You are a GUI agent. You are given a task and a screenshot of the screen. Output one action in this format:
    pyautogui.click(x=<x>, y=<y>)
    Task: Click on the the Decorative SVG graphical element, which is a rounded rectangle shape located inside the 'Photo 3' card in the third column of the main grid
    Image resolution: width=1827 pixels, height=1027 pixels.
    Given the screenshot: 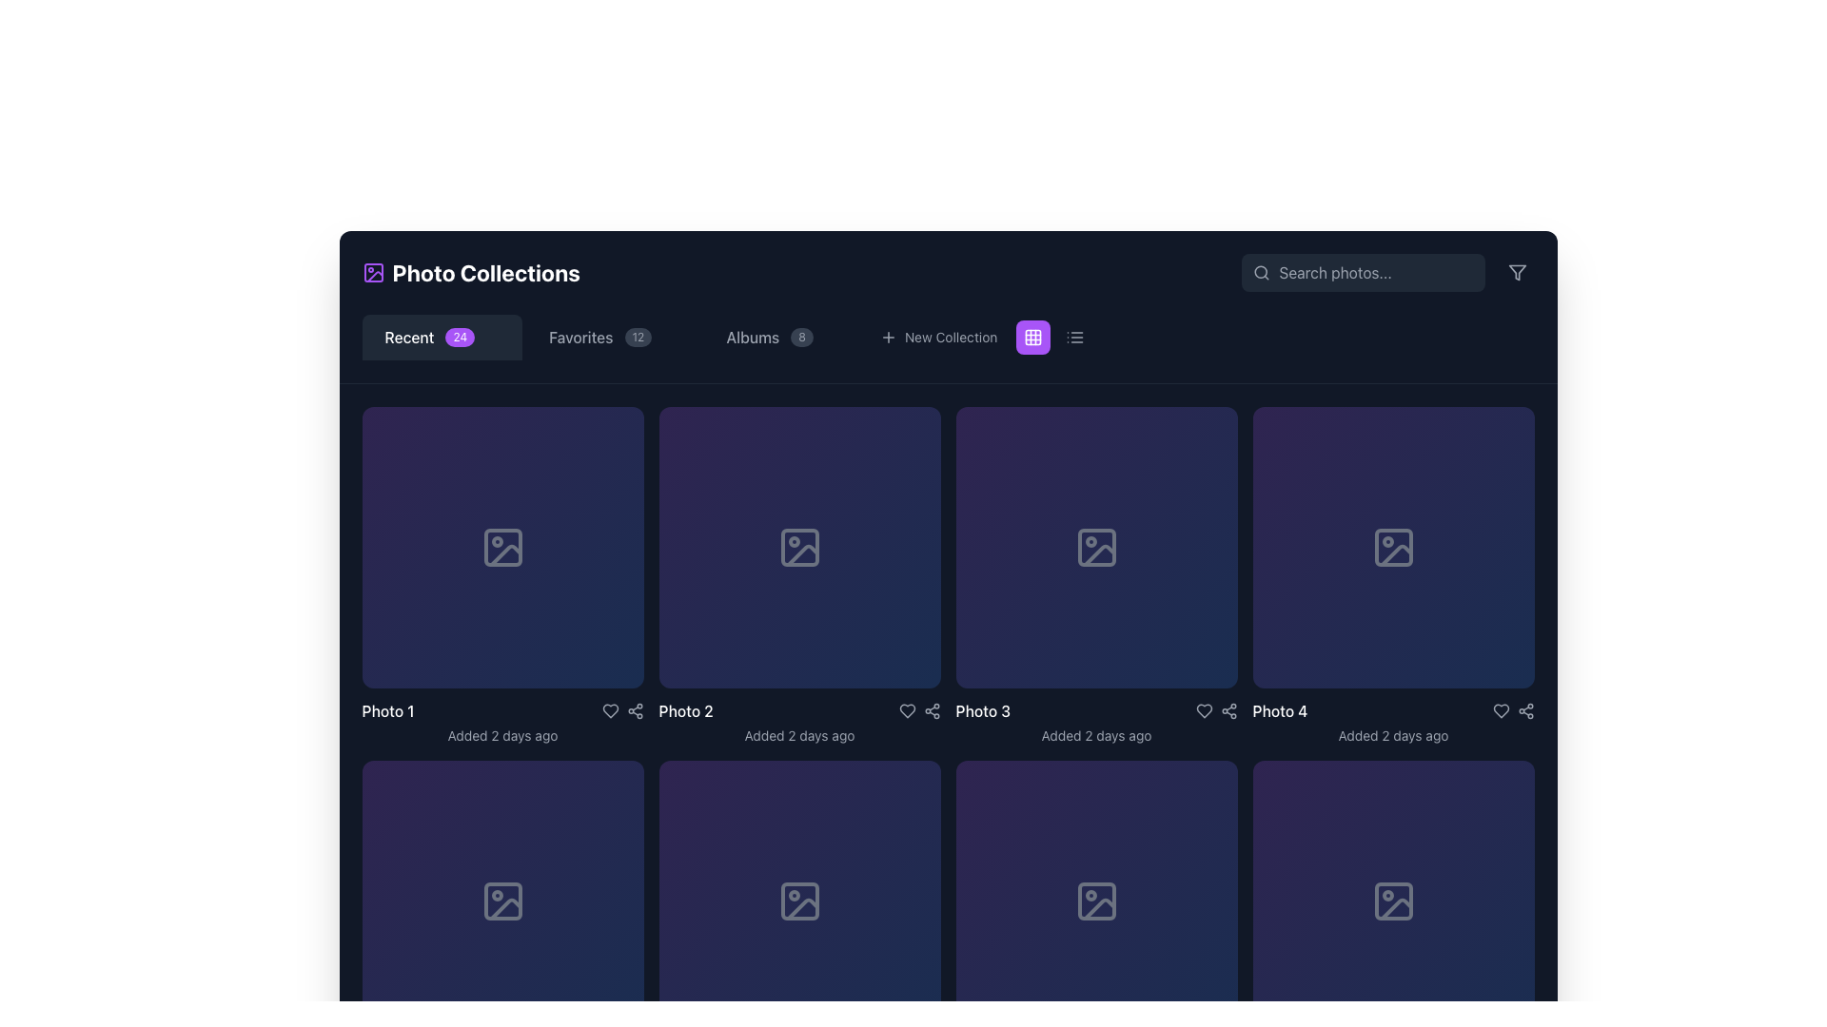 What is the action you would take?
    pyautogui.click(x=1096, y=547)
    